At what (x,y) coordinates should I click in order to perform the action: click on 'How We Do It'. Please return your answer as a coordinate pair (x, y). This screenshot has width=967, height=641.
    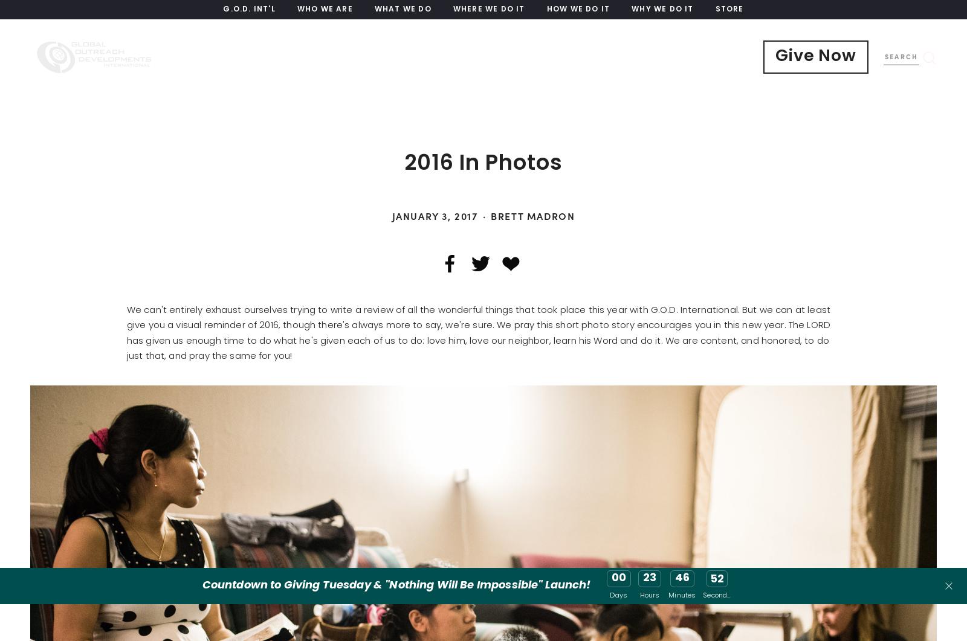
    Looking at the image, I should click on (577, 10).